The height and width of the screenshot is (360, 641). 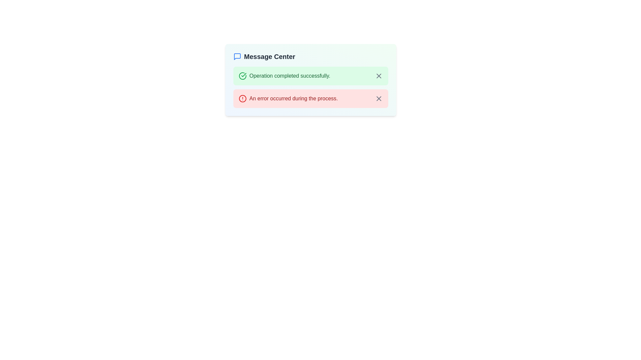 I want to click on the dismiss/close icon button located in the top-right corner of the green notification area that states 'Operation completed successfully', so click(x=379, y=75).